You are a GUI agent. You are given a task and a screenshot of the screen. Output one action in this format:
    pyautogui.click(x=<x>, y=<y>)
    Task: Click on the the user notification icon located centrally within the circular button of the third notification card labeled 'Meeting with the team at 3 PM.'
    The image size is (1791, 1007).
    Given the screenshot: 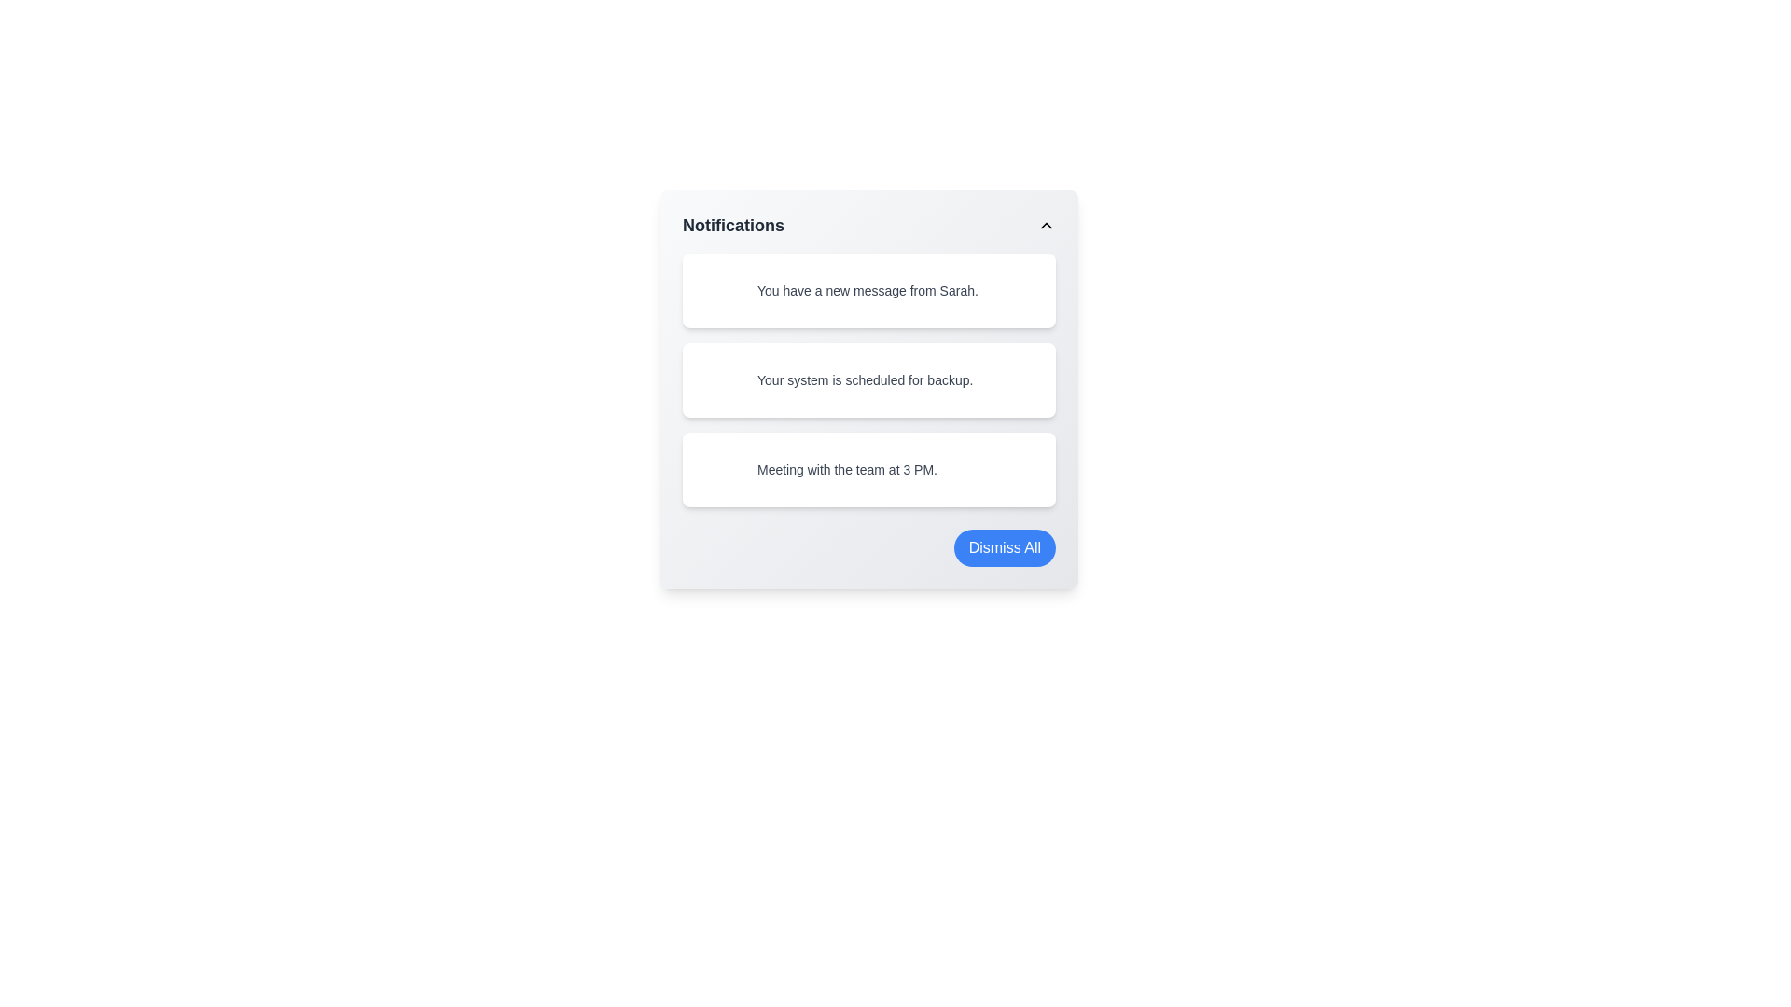 What is the action you would take?
    pyautogui.click(x=719, y=469)
    